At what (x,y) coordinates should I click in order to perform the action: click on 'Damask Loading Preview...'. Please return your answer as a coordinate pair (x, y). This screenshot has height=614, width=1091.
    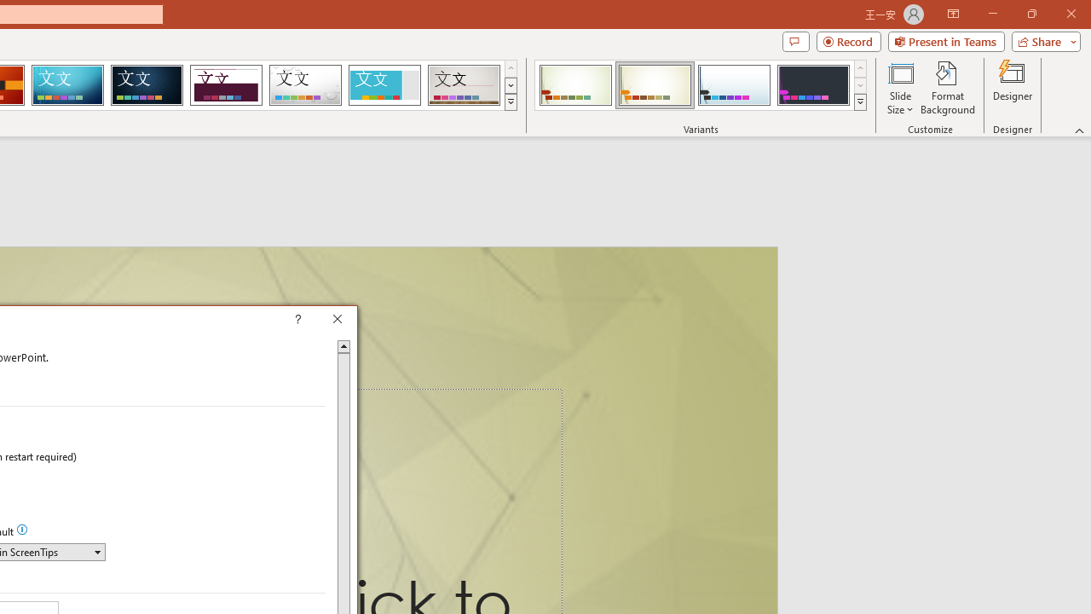
    Looking at the image, I should click on (147, 85).